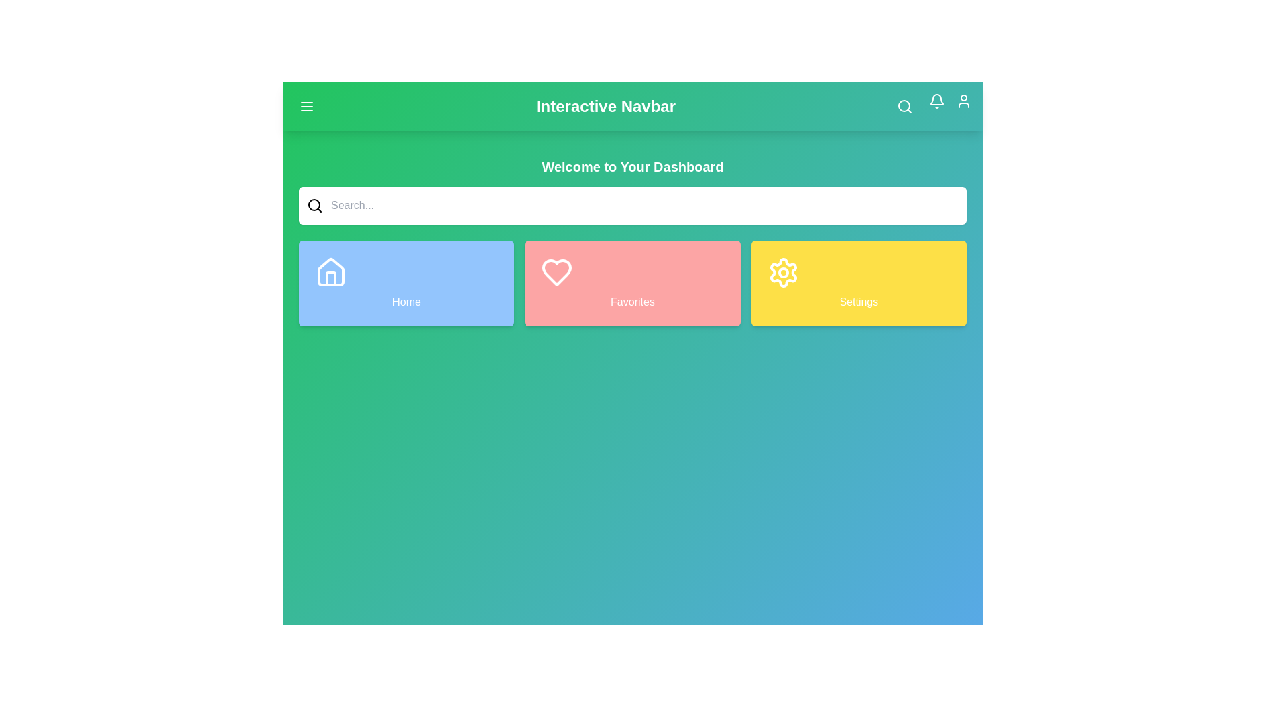 The height and width of the screenshot is (724, 1287). What do you see at coordinates (643, 206) in the screenshot?
I see `the search input field and type 'example text'` at bounding box center [643, 206].